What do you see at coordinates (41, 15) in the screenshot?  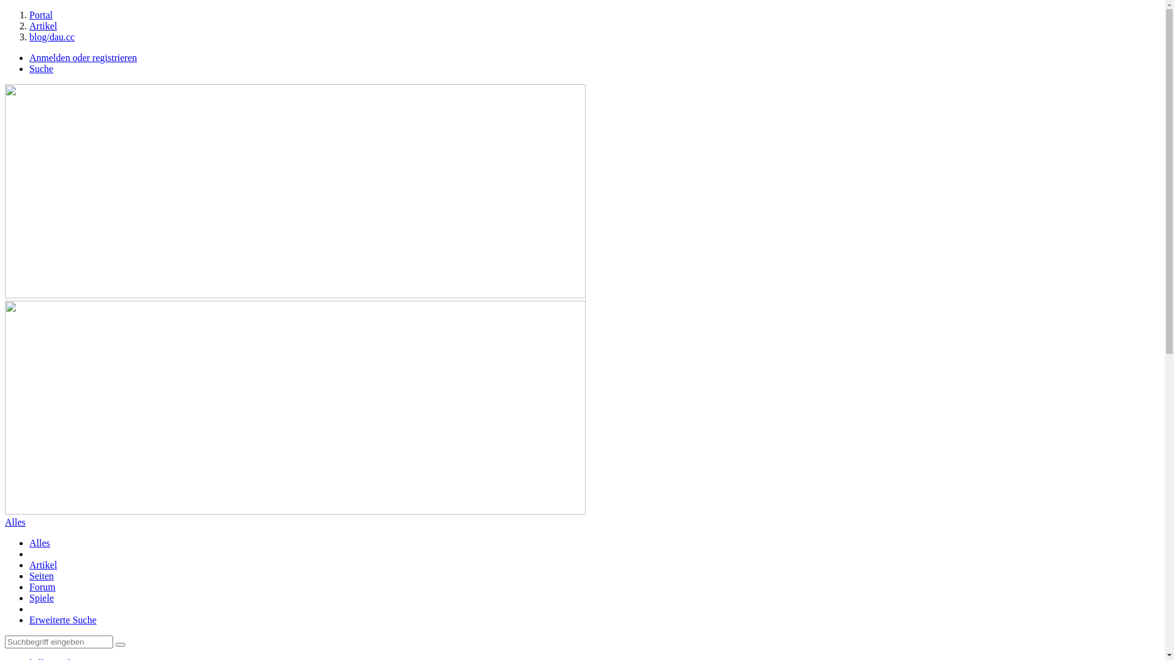 I see `'Portal'` at bounding box center [41, 15].